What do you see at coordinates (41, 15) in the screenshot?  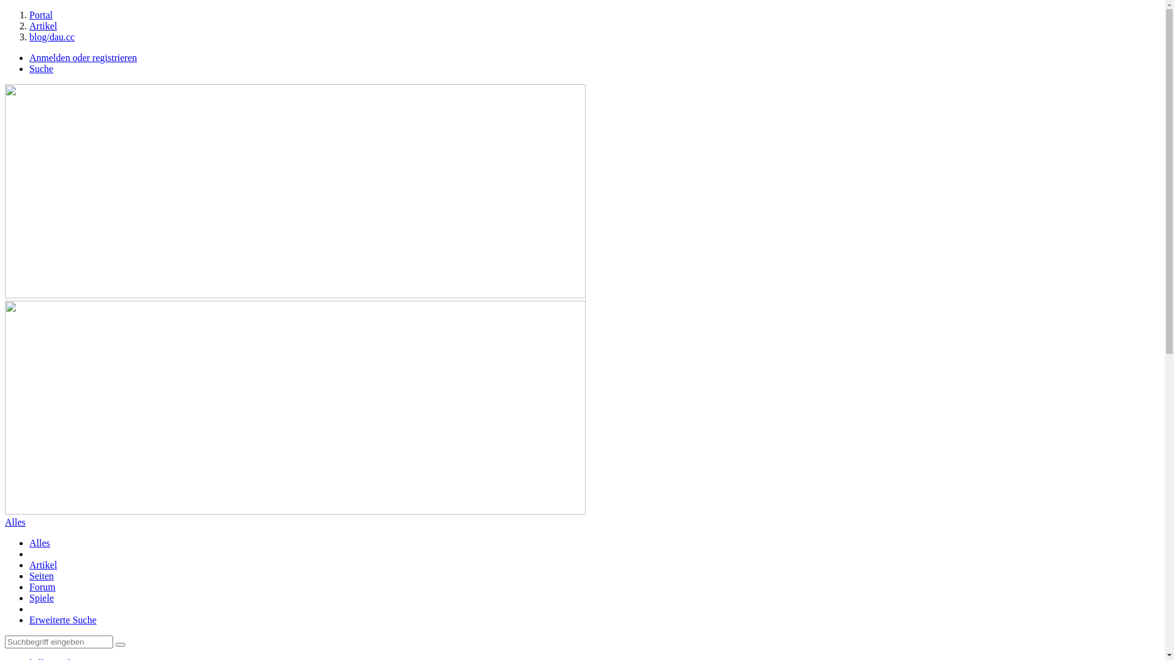 I see `'Portal'` at bounding box center [41, 15].